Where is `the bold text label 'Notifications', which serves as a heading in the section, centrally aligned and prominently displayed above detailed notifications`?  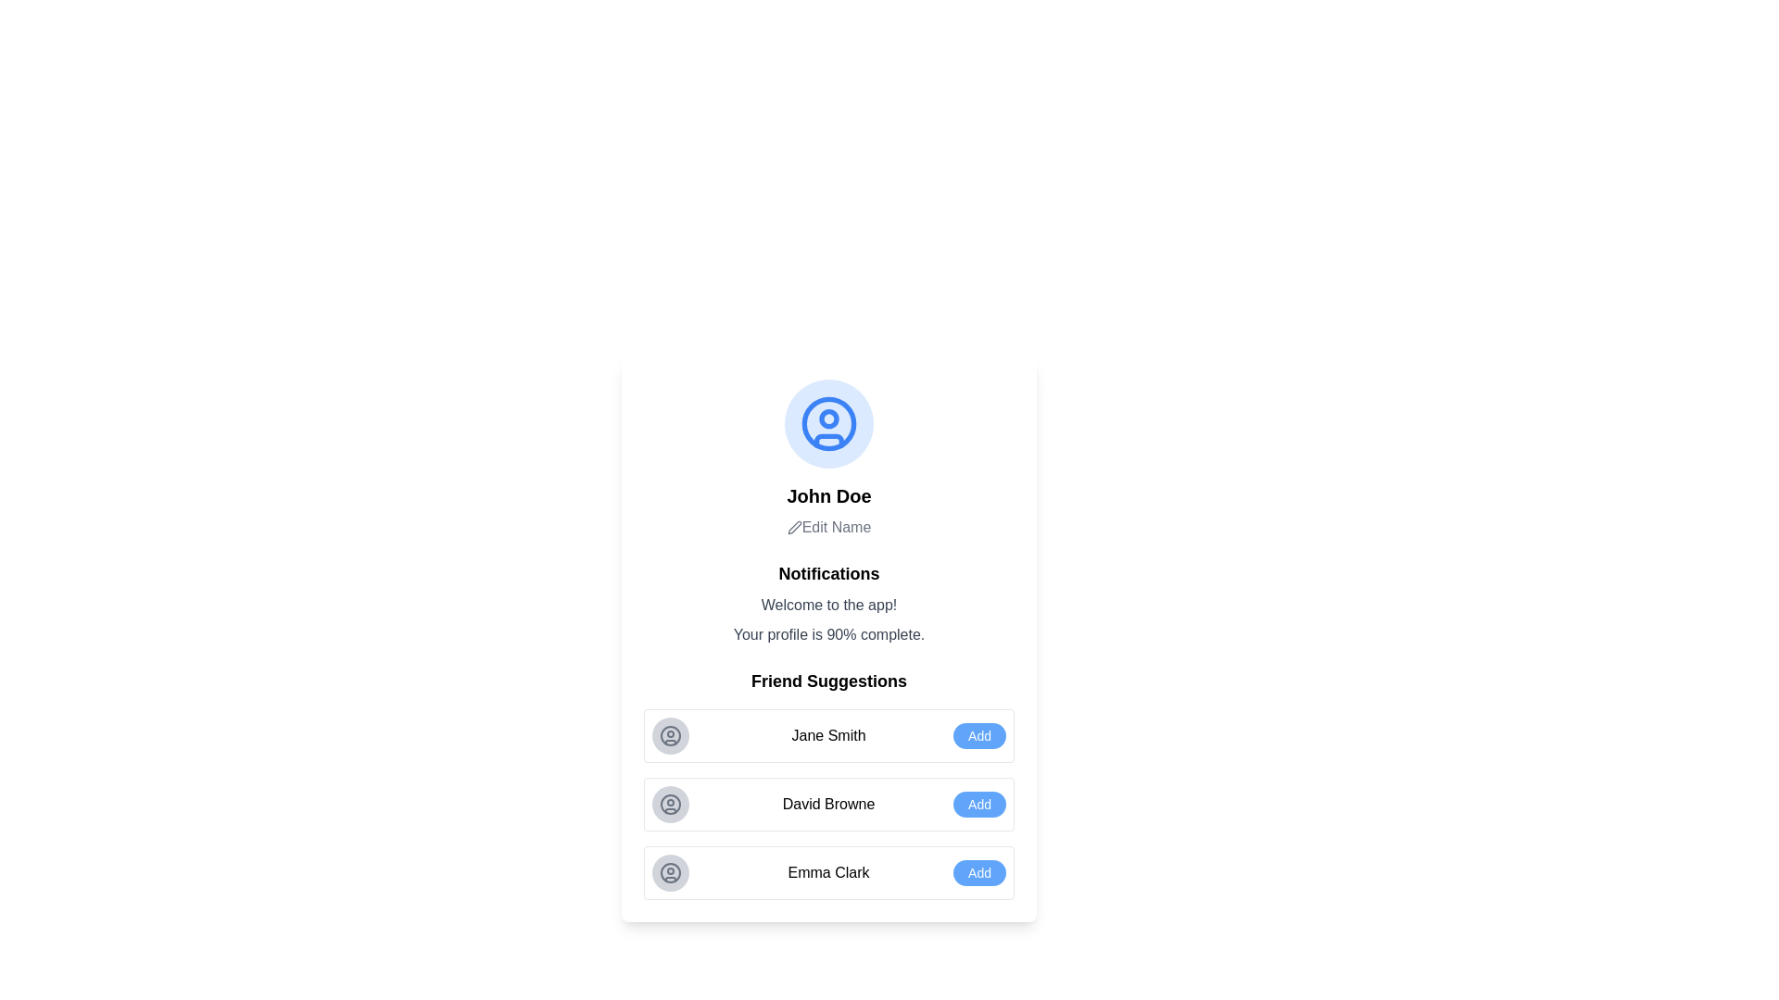 the bold text label 'Notifications', which serves as a heading in the section, centrally aligned and prominently displayed above detailed notifications is located at coordinates (827, 573).